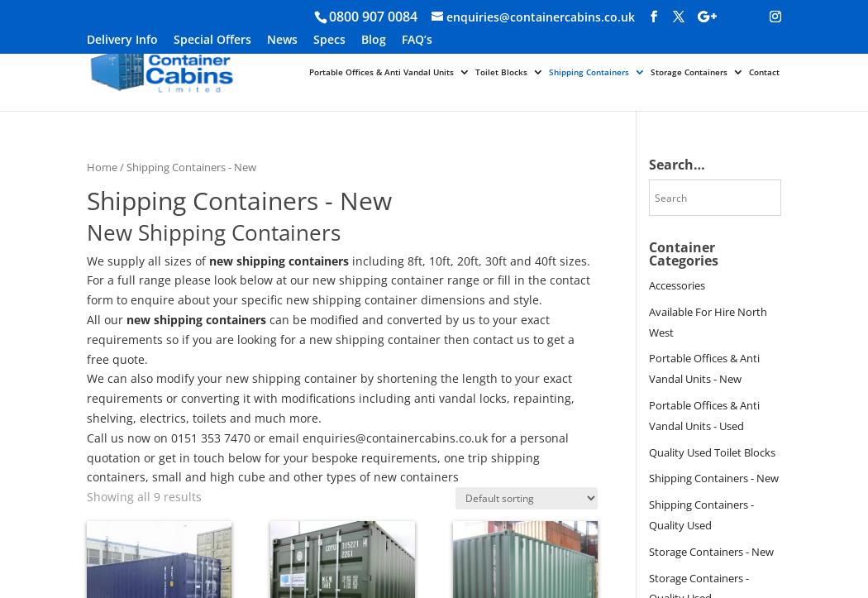 Image resolution: width=868 pixels, height=598 pixels. What do you see at coordinates (423, 193) in the screenshot?
I see `'New Portable Offices & Anti Vandal Units'` at bounding box center [423, 193].